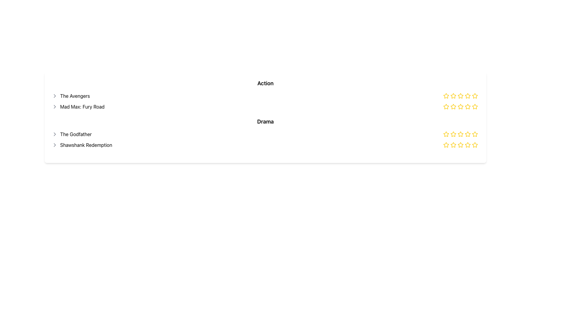  Describe the element at coordinates (460, 95) in the screenshot. I see `the fourth star icon in the rating system for 'Mad Max: Fury Road'` at that location.